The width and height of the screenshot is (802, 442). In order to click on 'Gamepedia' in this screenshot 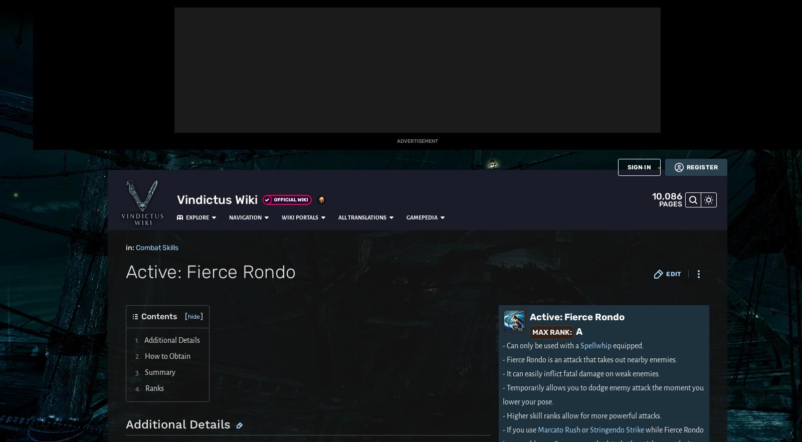, I will do `click(373, 11)`.